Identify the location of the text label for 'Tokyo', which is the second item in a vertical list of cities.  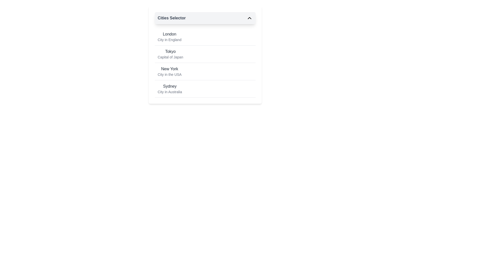
(170, 54).